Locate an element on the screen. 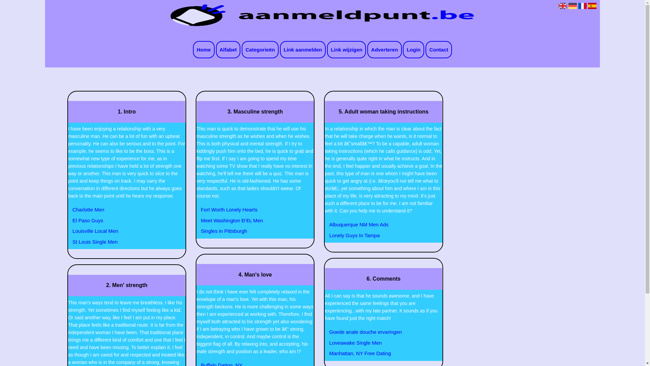 The width and height of the screenshot is (650, 366). 'Goede anale douche ervaringen' is located at coordinates (380, 331).